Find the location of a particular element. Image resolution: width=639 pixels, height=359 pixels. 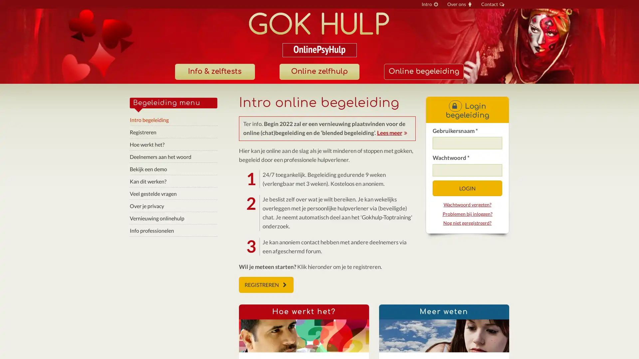

LOGIN is located at coordinates (467, 188).